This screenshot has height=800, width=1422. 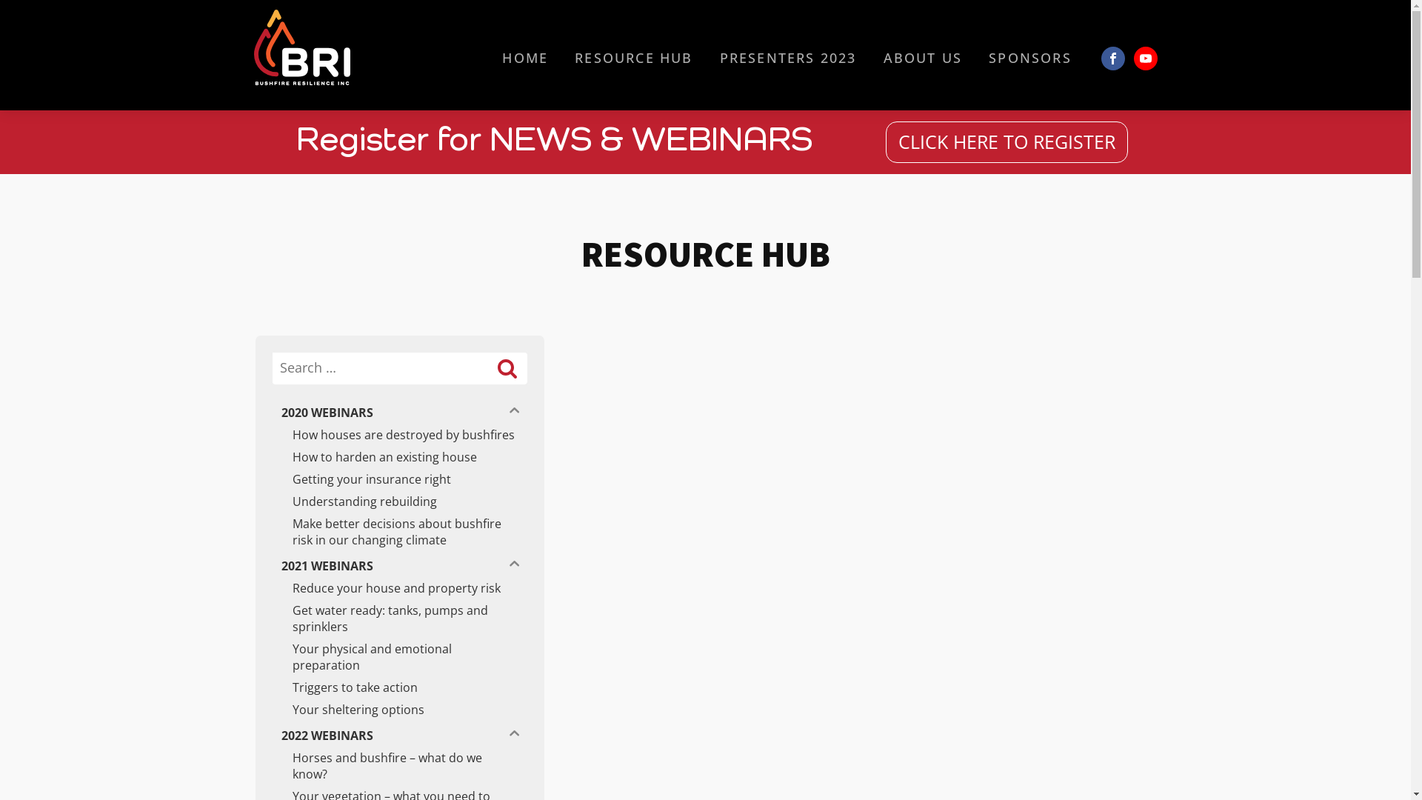 What do you see at coordinates (1007, 142) in the screenshot?
I see `'CLICK HERE TO REGISTER'` at bounding box center [1007, 142].